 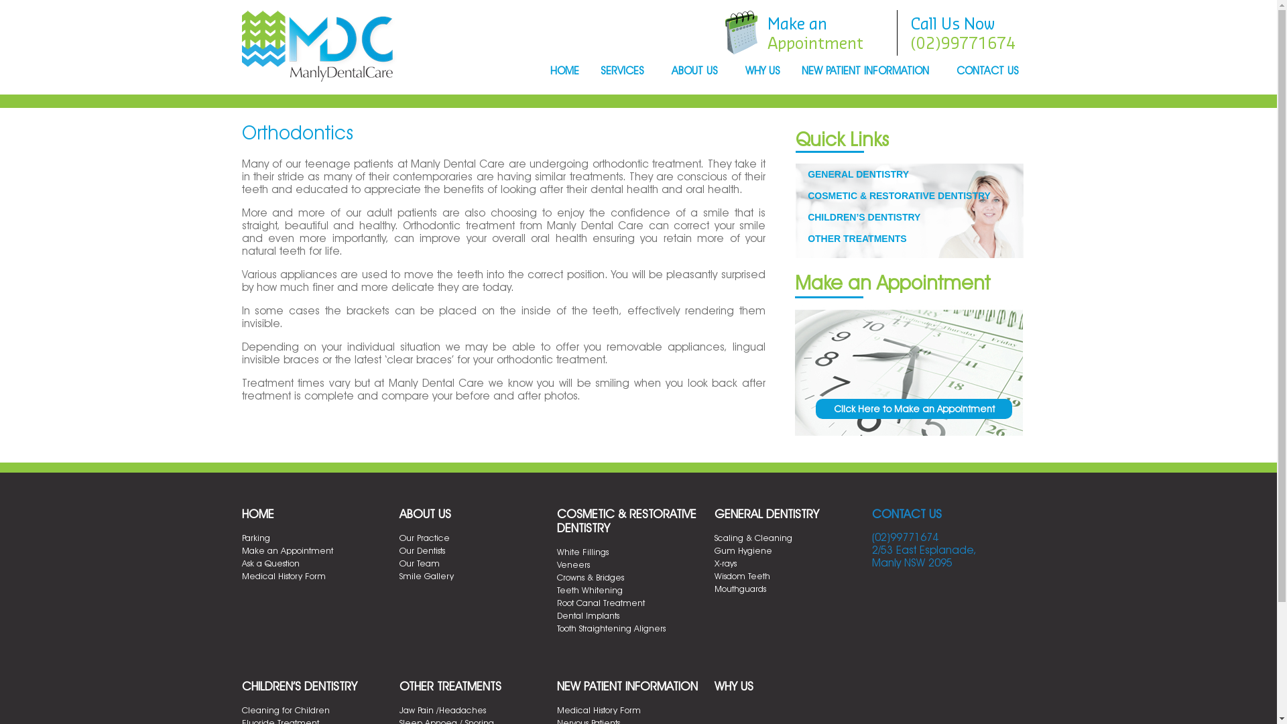 I want to click on 'Teeth Whitening', so click(x=589, y=589).